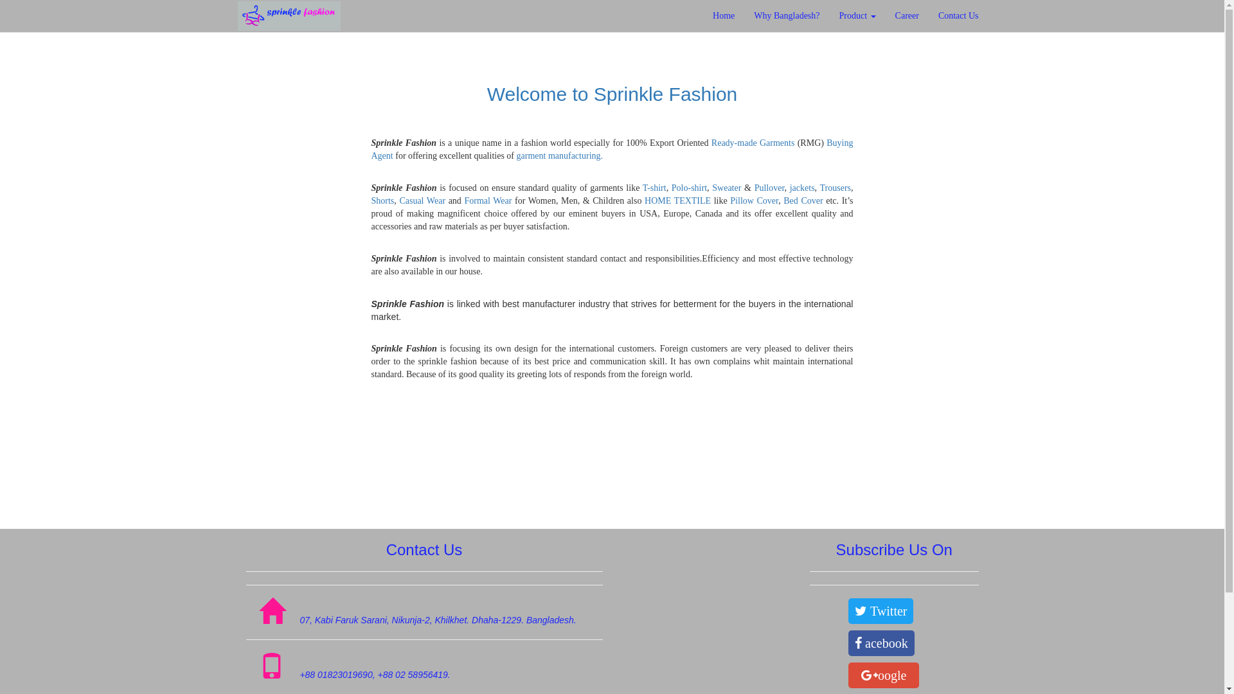 The image size is (1234, 694). I want to click on 'Why Bangladesh?', so click(744, 15).